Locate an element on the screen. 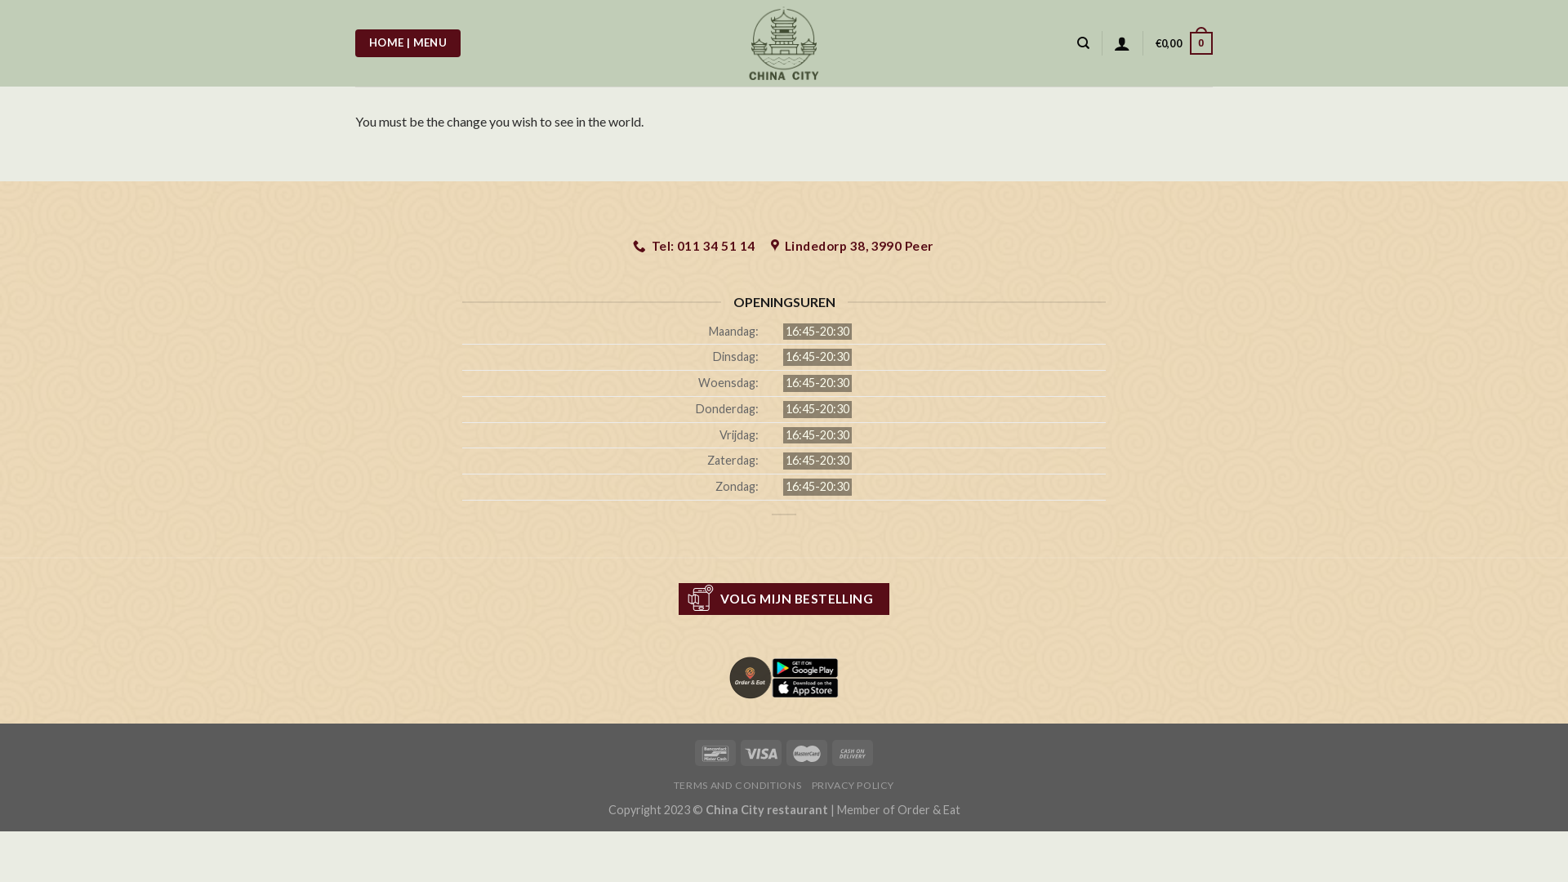  'HOME | MENU' is located at coordinates (354, 42).